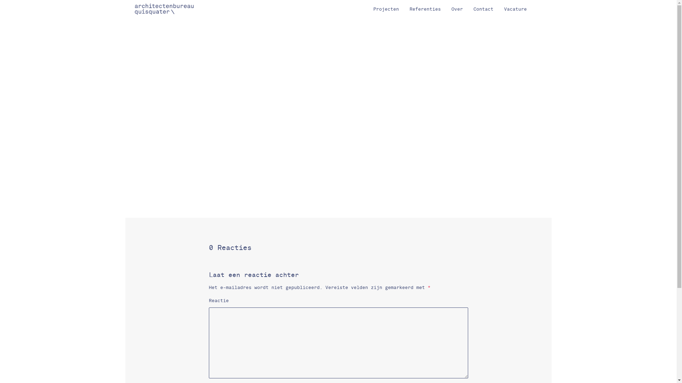 The width and height of the screenshot is (682, 383). Describe the element at coordinates (404, 9) in the screenshot. I see `'Referenties'` at that location.